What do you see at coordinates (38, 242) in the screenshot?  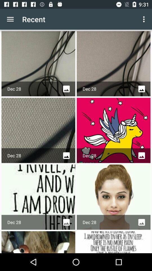 I see `tap on the image at bottom left` at bounding box center [38, 242].